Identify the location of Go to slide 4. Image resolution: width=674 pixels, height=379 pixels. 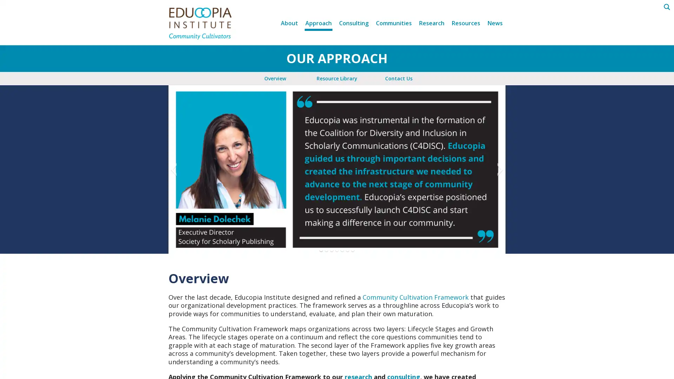
(336, 250).